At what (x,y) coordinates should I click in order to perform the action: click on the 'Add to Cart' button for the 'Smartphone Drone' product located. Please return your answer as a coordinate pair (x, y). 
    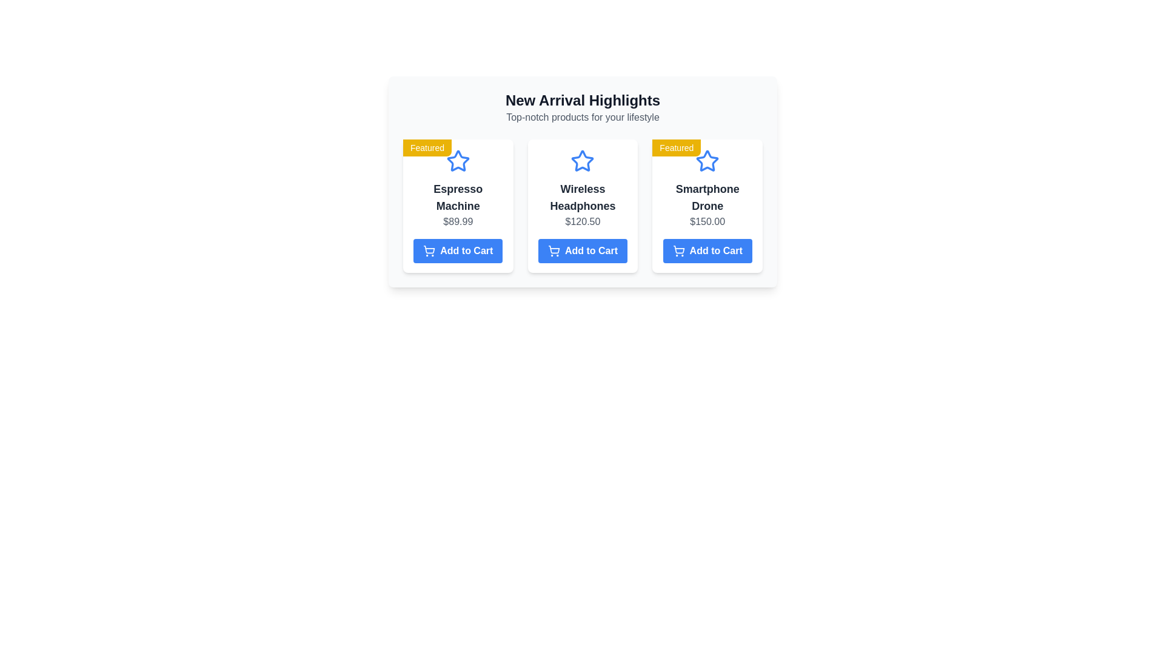
    Looking at the image, I should click on (707, 250).